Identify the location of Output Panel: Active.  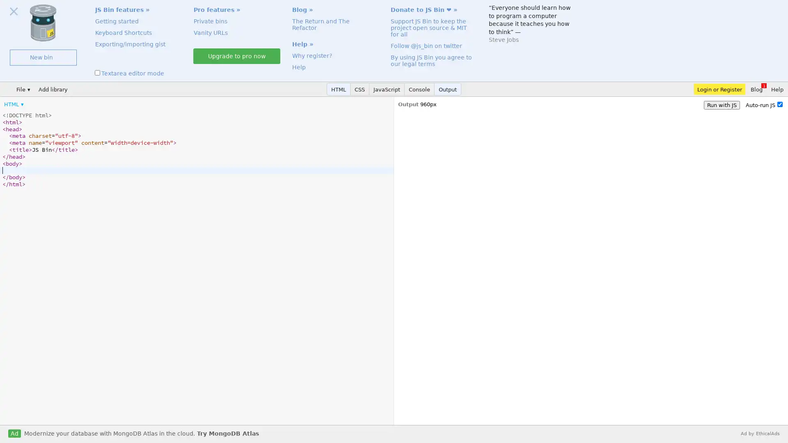
(447, 89).